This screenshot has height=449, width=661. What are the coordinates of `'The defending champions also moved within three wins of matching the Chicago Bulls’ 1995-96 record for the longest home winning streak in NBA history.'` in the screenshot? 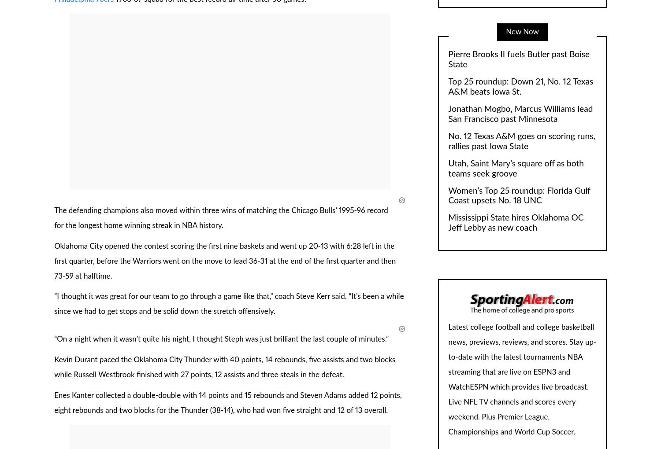 It's located at (221, 217).